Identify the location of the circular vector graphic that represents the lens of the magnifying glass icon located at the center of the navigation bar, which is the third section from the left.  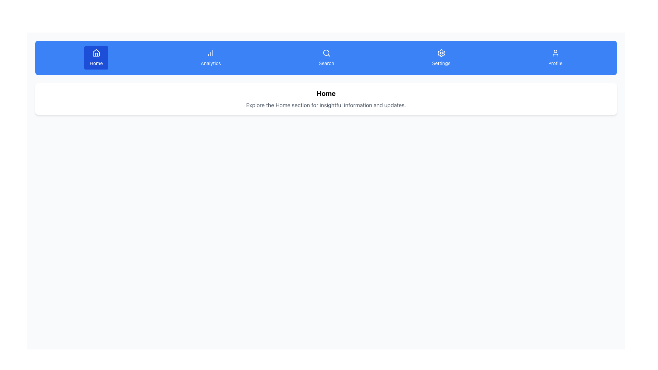
(326, 52).